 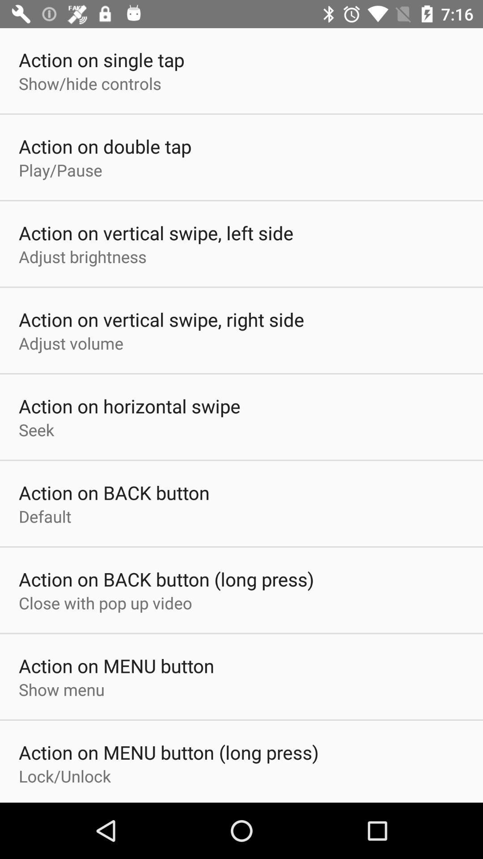 What do you see at coordinates (36, 429) in the screenshot?
I see `the icon above the action on back app` at bounding box center [36, 429].